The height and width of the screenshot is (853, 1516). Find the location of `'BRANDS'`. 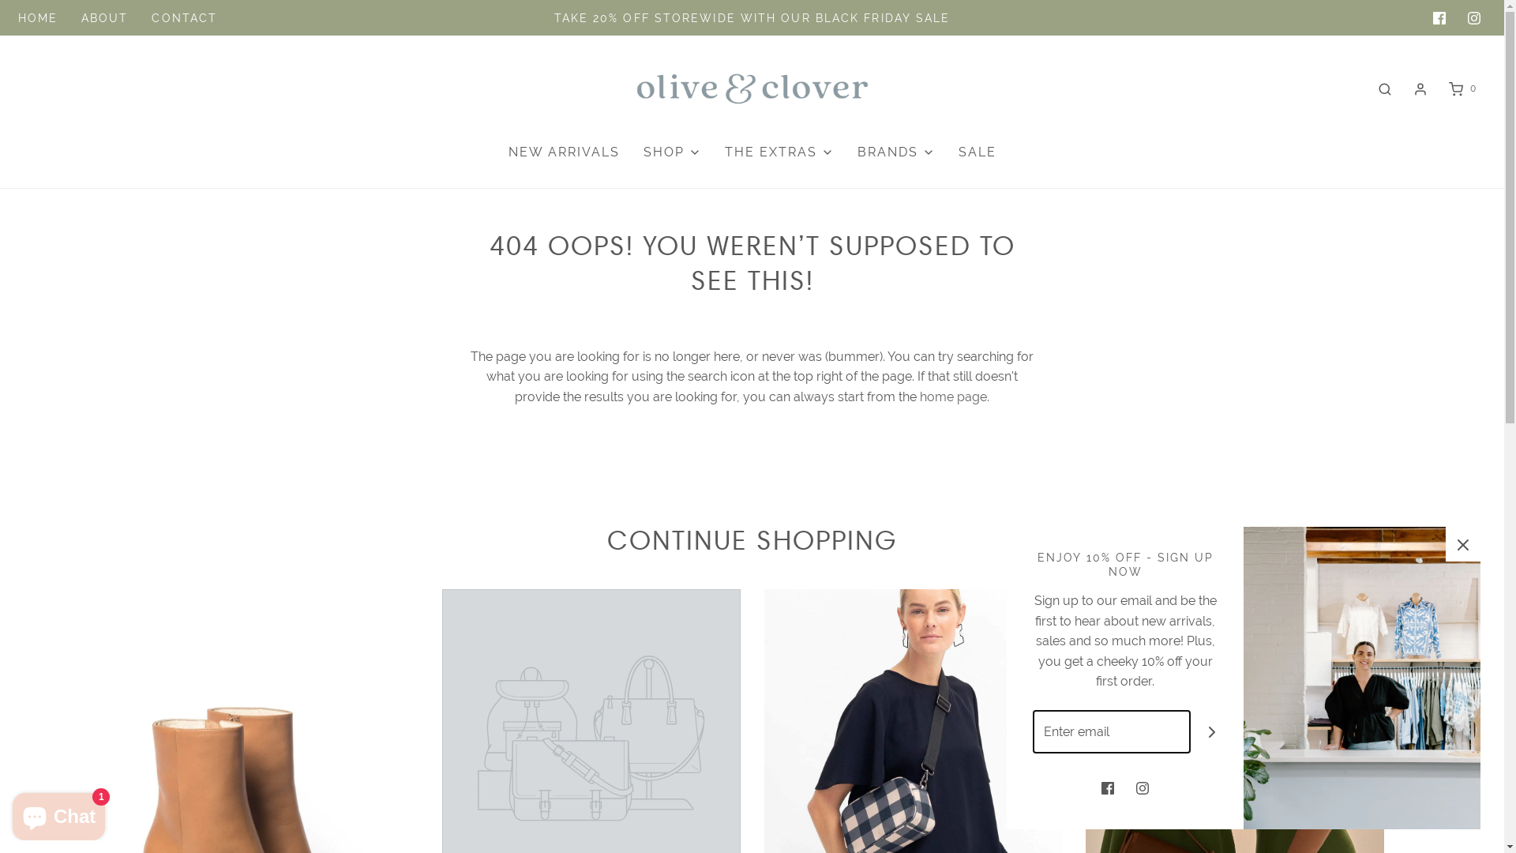

'BRANDS' is located at coordinates (856, 152).